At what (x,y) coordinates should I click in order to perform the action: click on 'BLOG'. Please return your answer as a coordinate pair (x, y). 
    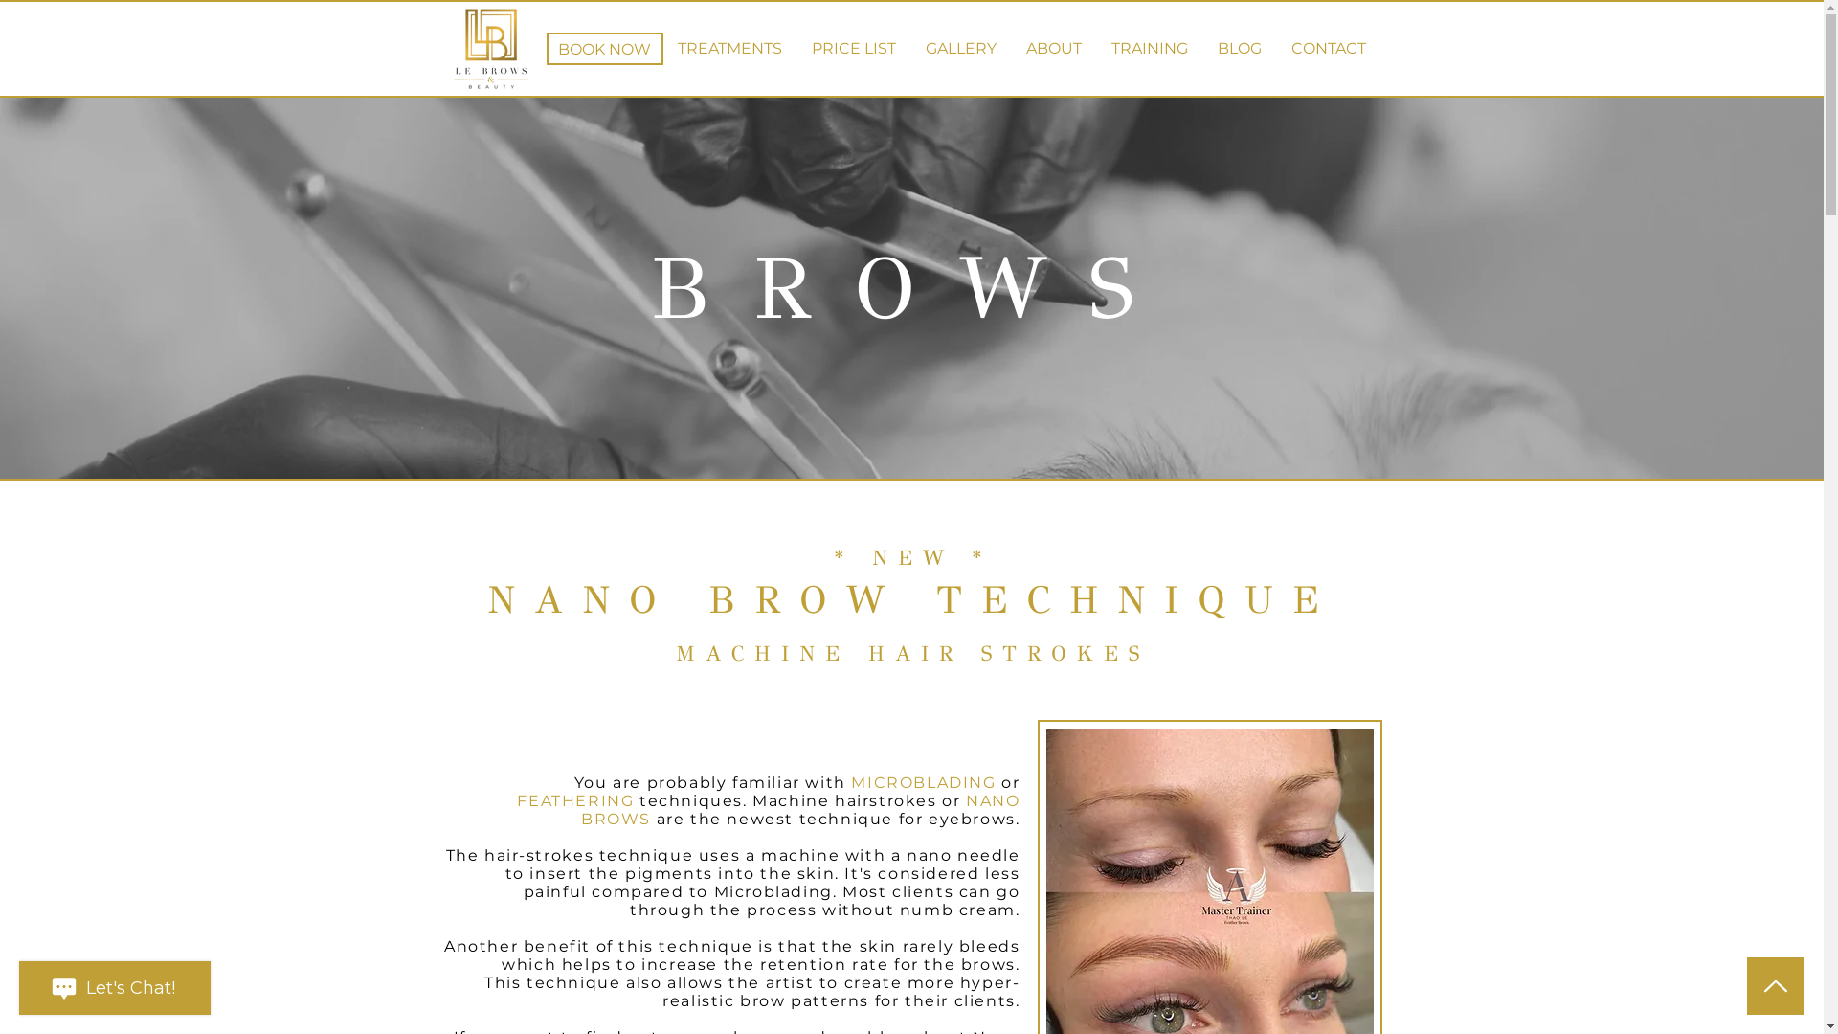
    Looking at the image, I should click on (1239, 47).